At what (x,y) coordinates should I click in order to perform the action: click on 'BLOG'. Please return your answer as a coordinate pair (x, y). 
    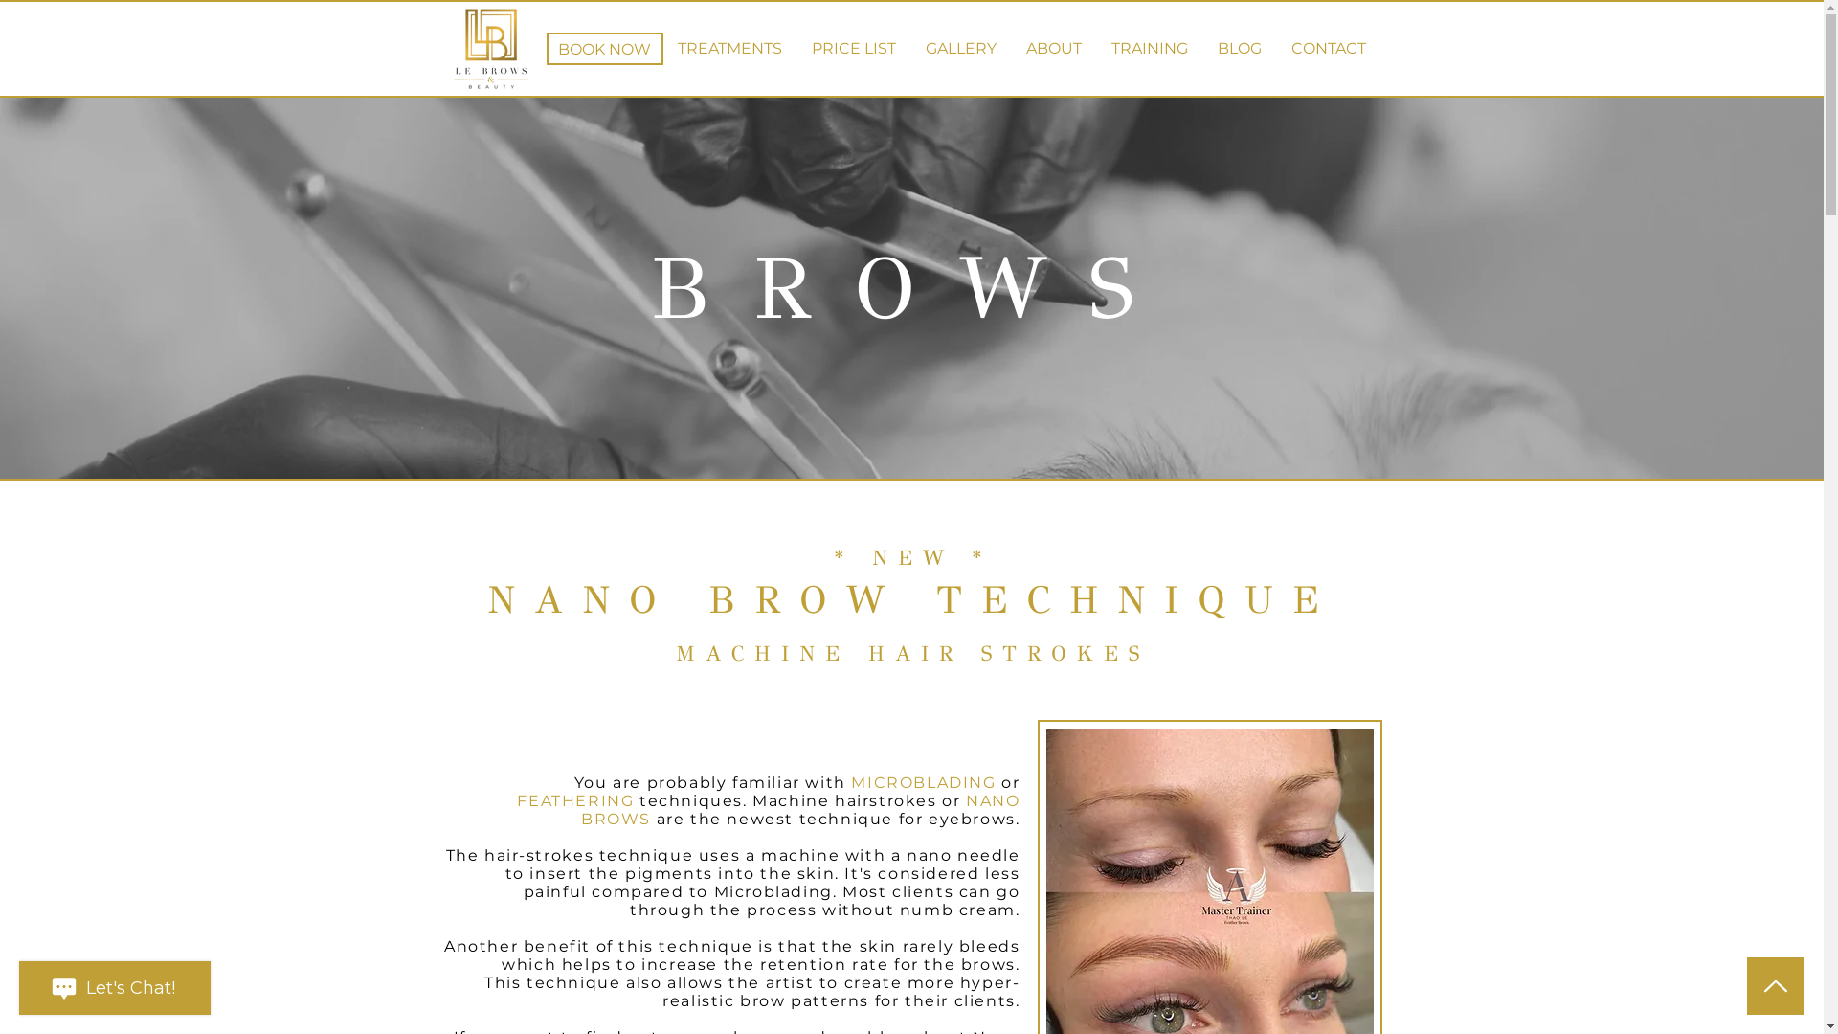
    Looking at the image, I should click on (1239, 47).